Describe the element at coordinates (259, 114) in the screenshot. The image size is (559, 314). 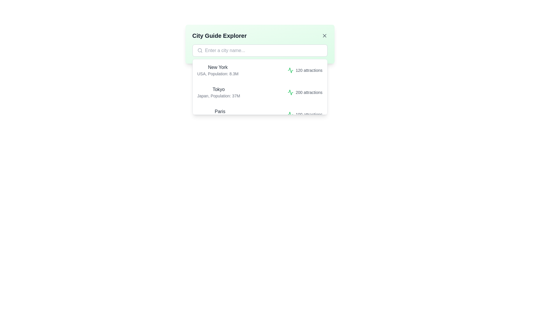
I see `the list item displaying information about Paris` at that location.